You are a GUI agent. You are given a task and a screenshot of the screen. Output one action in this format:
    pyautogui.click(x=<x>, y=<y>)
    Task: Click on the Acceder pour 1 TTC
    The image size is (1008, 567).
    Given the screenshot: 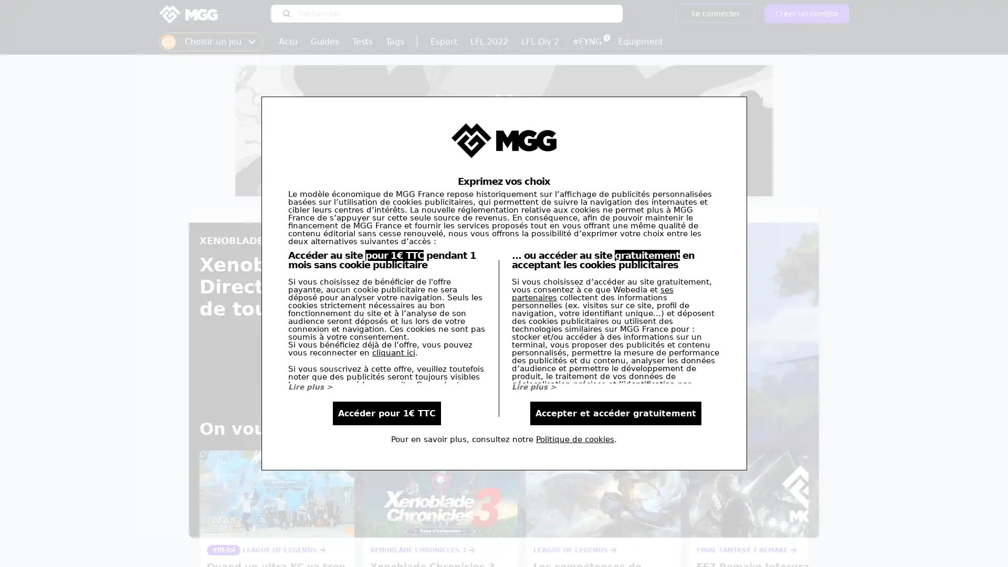 What is the action you would take?
    pyautogui.click(x=385, y=413)
    